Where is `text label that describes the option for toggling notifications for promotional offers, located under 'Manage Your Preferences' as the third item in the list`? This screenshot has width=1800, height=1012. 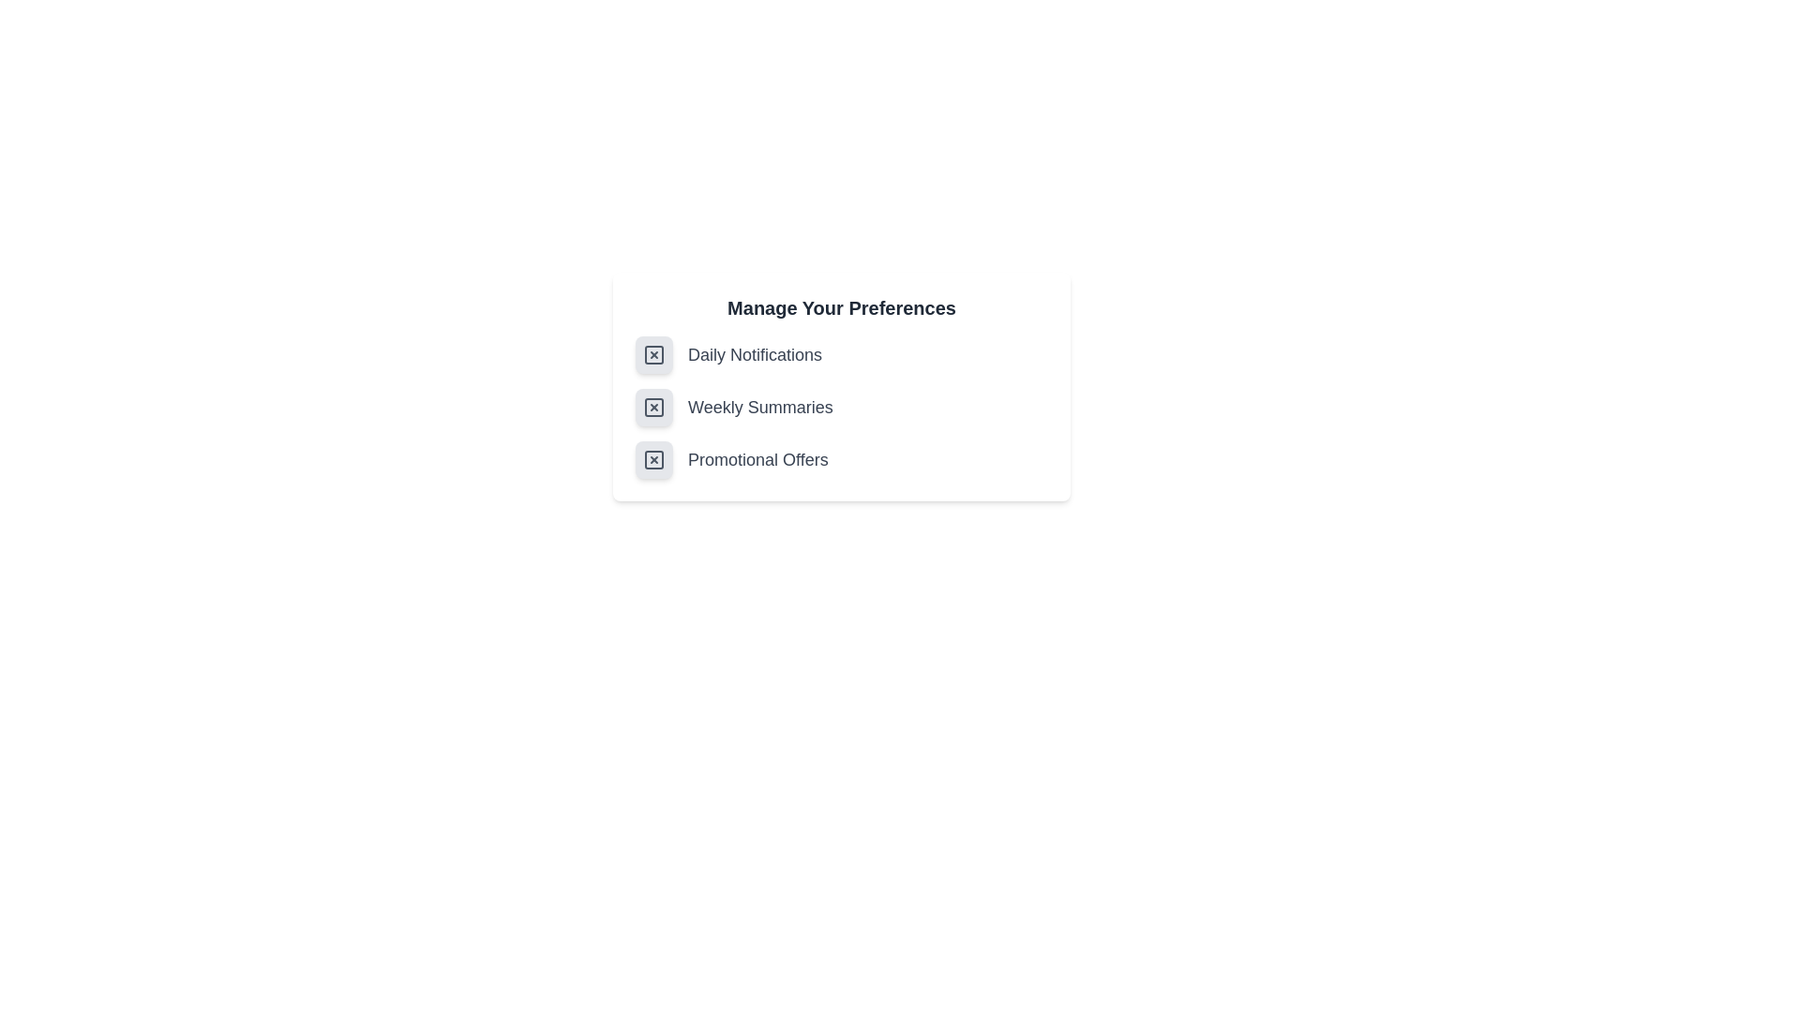
text label that describes the option for toggling notifications for promotional offers, located under 'Manage Your Preferences' as the third item in the list is located at coordinates (757, 459).